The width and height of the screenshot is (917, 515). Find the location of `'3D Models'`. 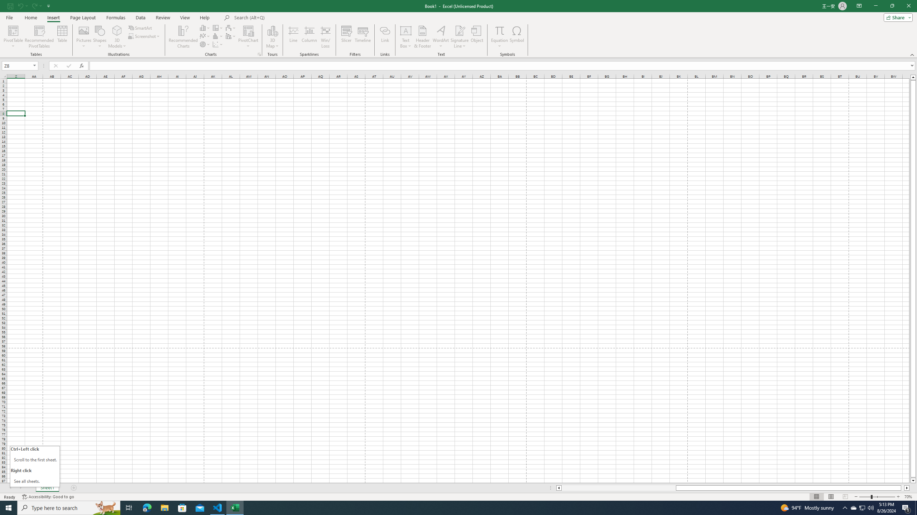

'3D Models' is located at coordinates (117, 30).